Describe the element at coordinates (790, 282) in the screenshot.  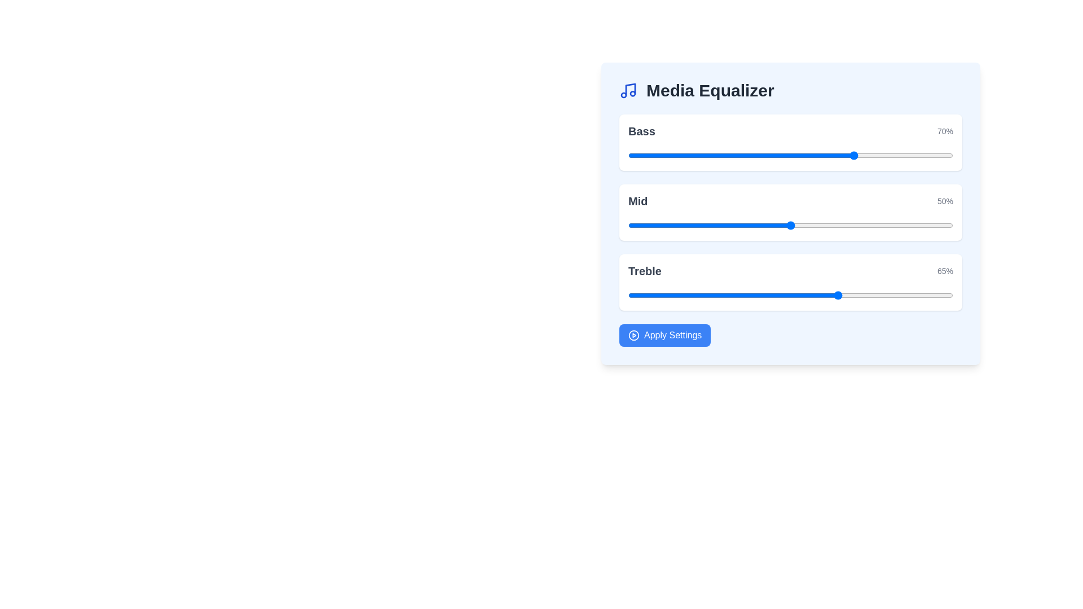
I see `or drag the blue knob of the horizontal slider labeled 'Treble' in the 'Media Equalizer' panel, which represents a value of 65%` at that location.